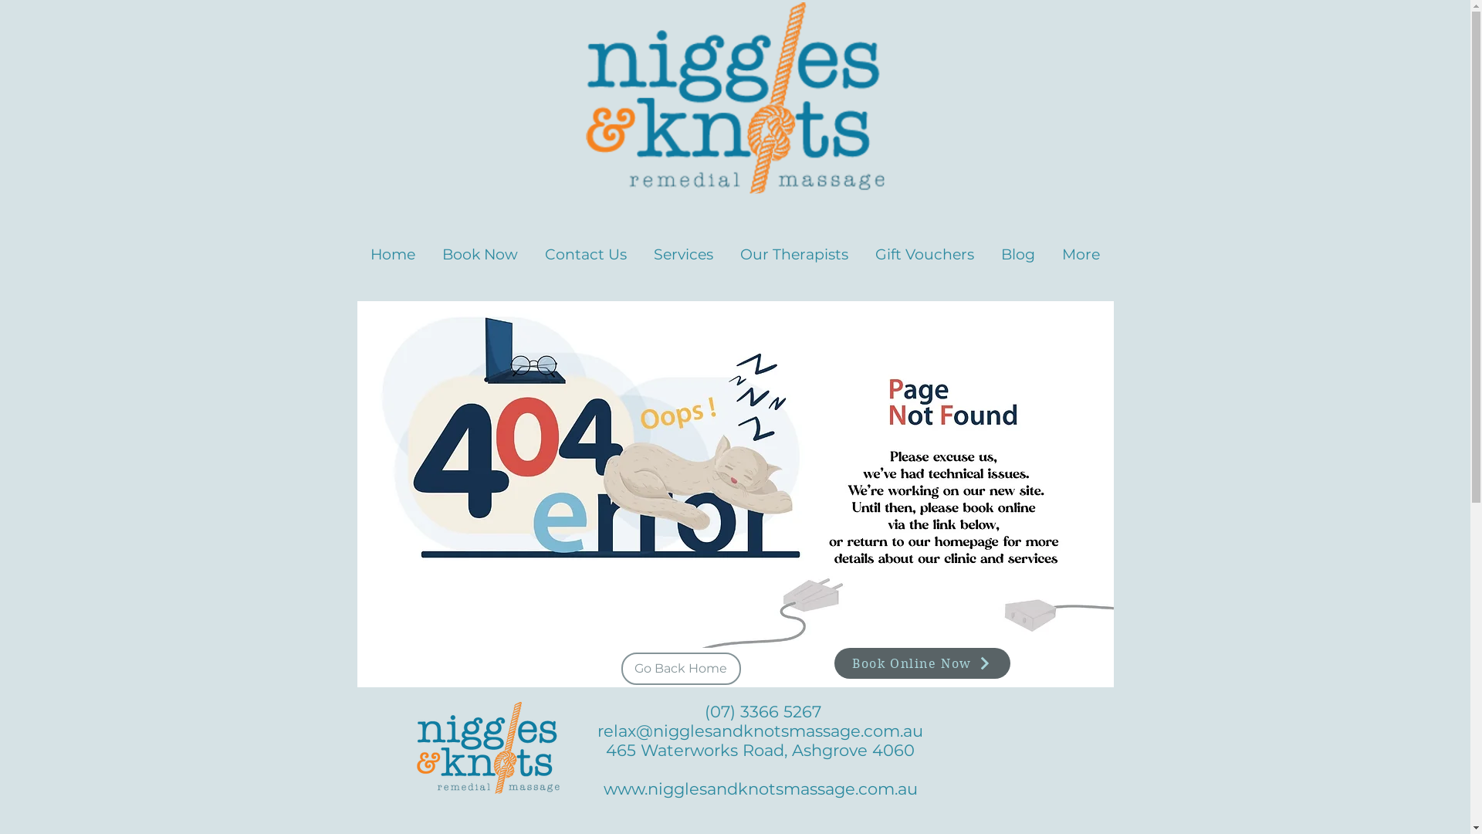 Image resolution: width=1482 pixels, height=834 pixels. Describe the element at coordinates (679, 668) in the screenshot. I see `'Go Back Home'` at that location.